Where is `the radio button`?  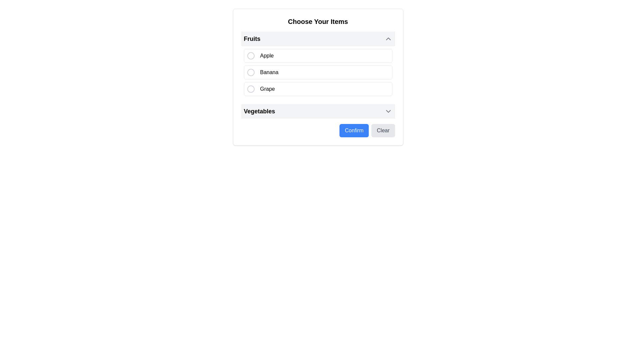 the radio button is located at coordinates (318, 65).